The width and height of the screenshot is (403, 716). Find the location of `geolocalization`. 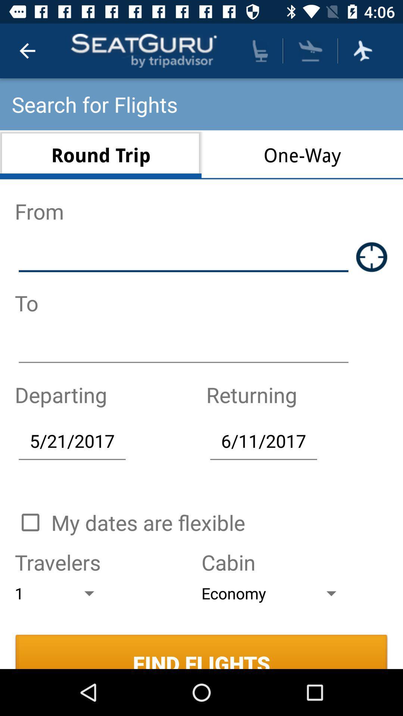

geolocalization is located at coordinates (372, 257).